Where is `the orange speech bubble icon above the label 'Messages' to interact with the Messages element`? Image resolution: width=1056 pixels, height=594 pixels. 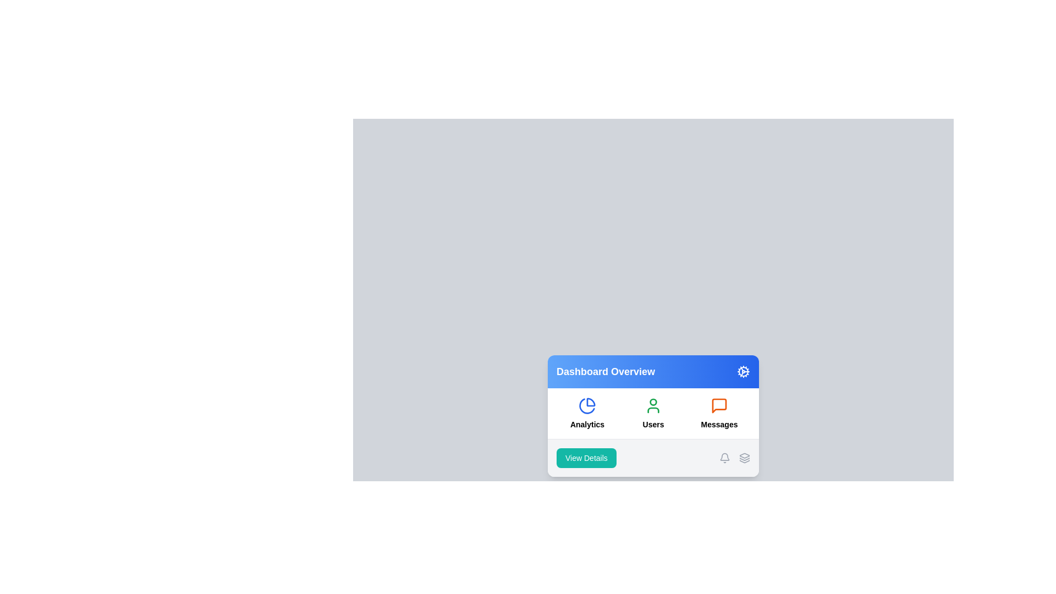
the orange speech bubble icon above the label 'Messages' to interact with the Messages element is located at coordinates (719, 413).